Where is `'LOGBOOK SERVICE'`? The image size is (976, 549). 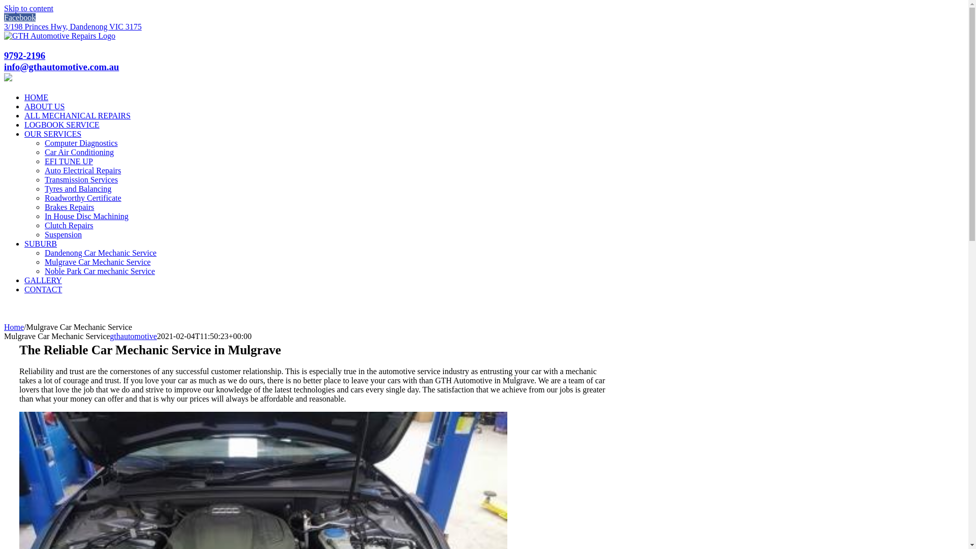 'LOGBOOK SERVICE' is located at coordinates (24, 124).